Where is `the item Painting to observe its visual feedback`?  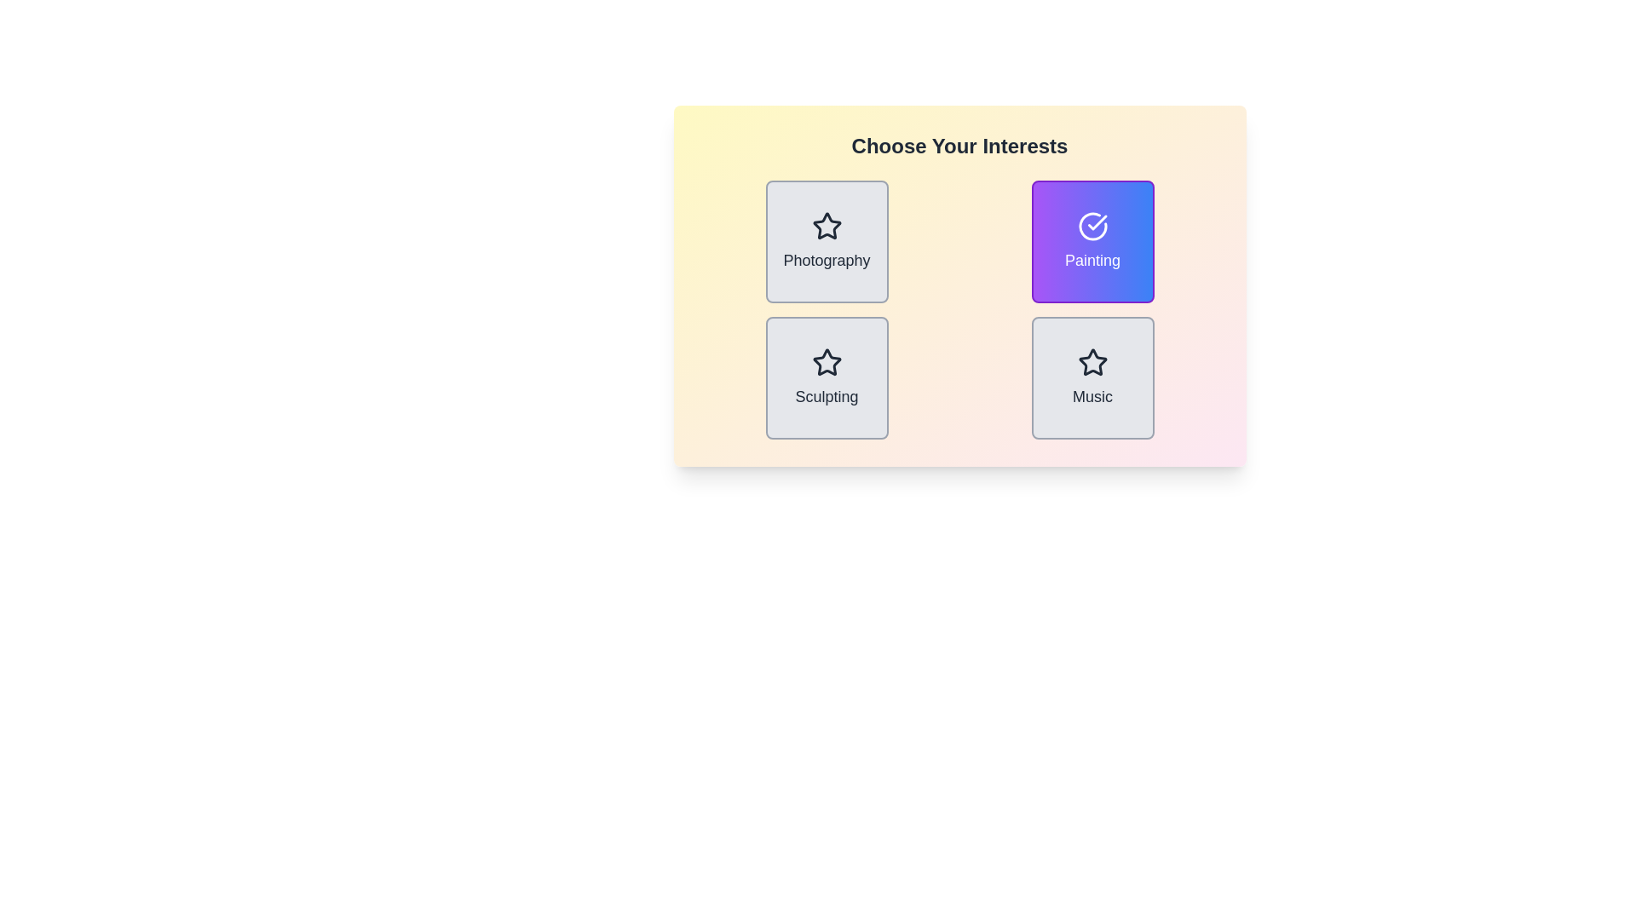 the item Painting to observe its visual feedback is located at coordinates (1092, 242).